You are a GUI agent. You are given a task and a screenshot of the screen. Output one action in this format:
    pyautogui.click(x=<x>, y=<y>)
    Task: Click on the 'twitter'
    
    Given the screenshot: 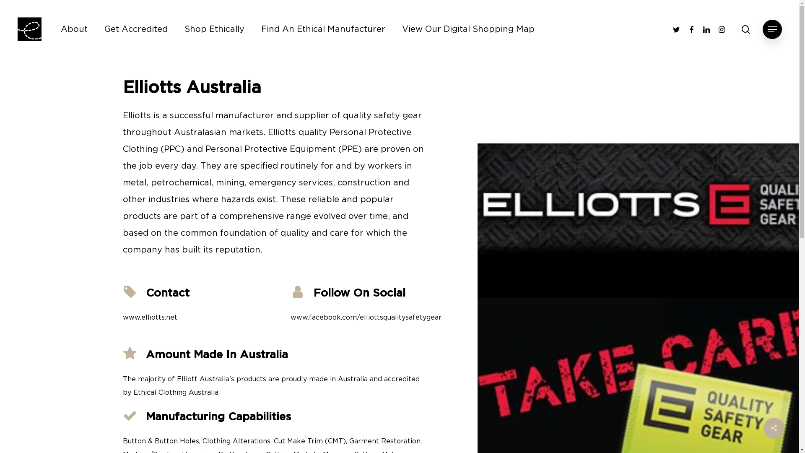 What is the action you would take?
    pyautogui.click(x=676, y=29)
    